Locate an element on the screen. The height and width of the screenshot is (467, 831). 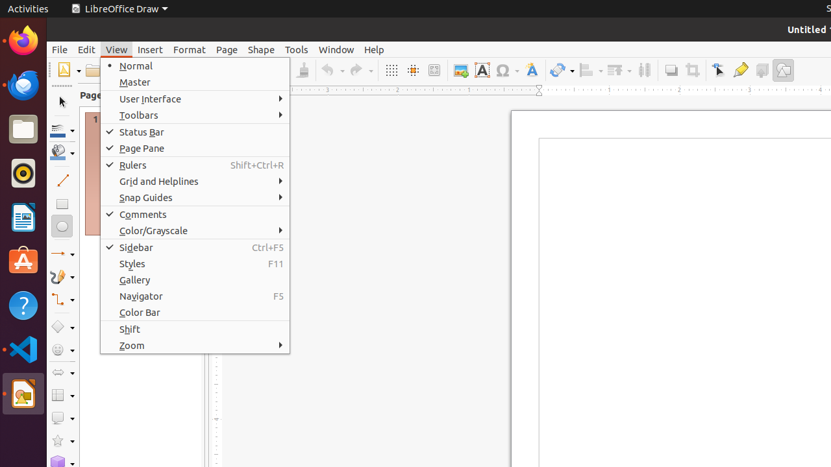
'Image' is located at coordinates (460, 70).